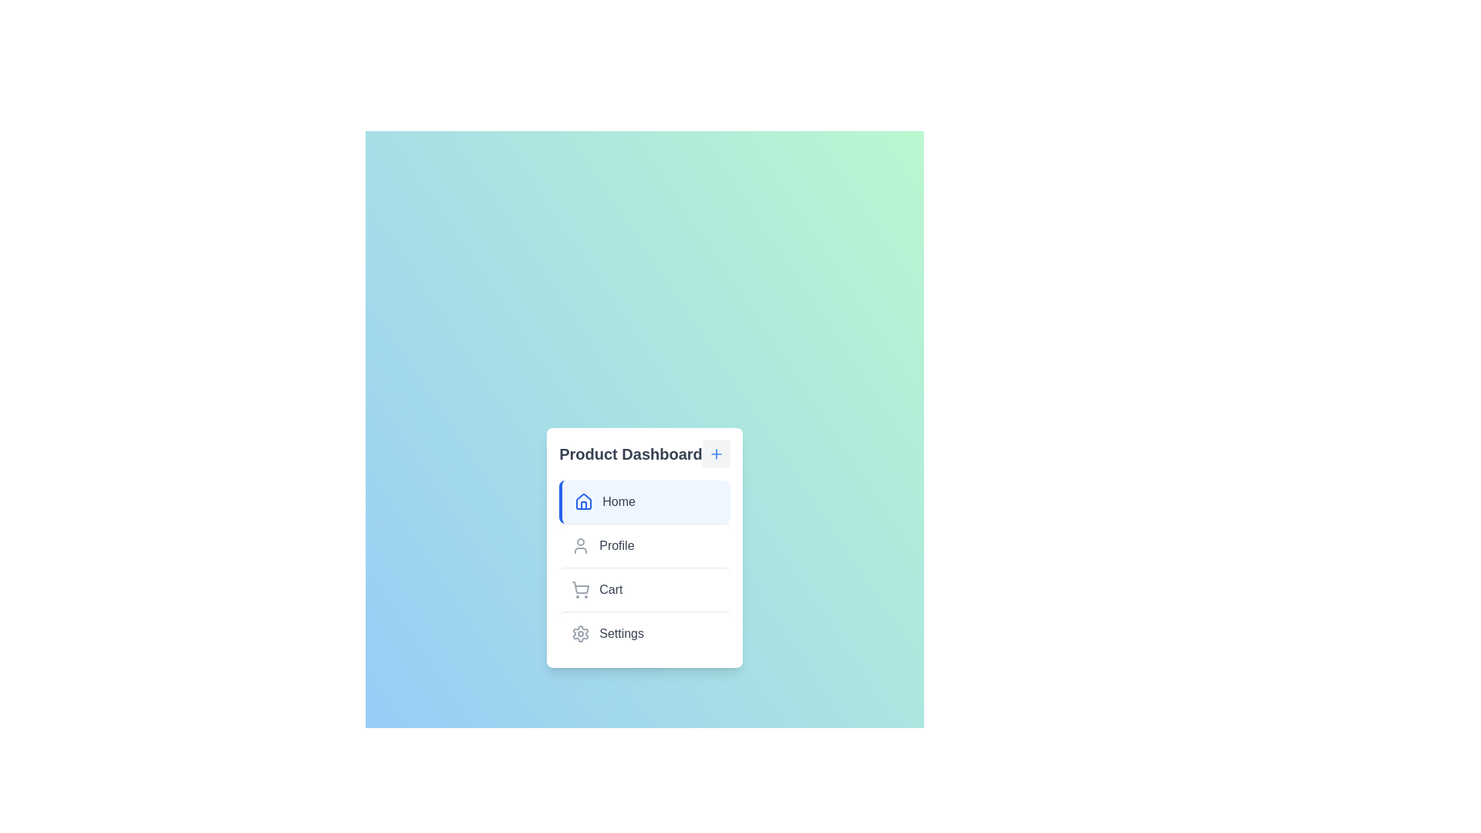  I want to click on the menu item labeled Cart to select it, so click(644, 588).